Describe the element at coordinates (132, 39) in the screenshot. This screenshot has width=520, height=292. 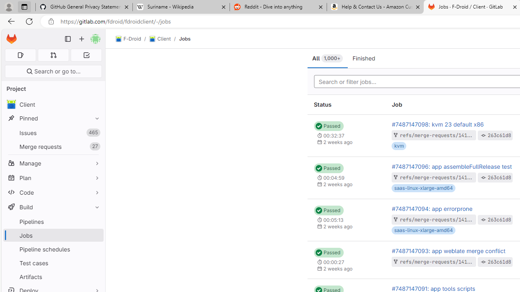
I see `'F-Droid/'` at that location.